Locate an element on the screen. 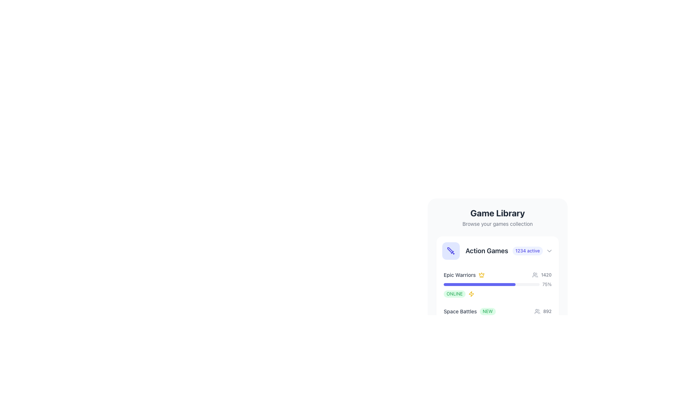 The width and height of the screenshot is (700, 394). the last game item in the 'Game Library' section under 'Action Games', which includes a 'NEW' badge and user count is located at coordinates (497, 320).